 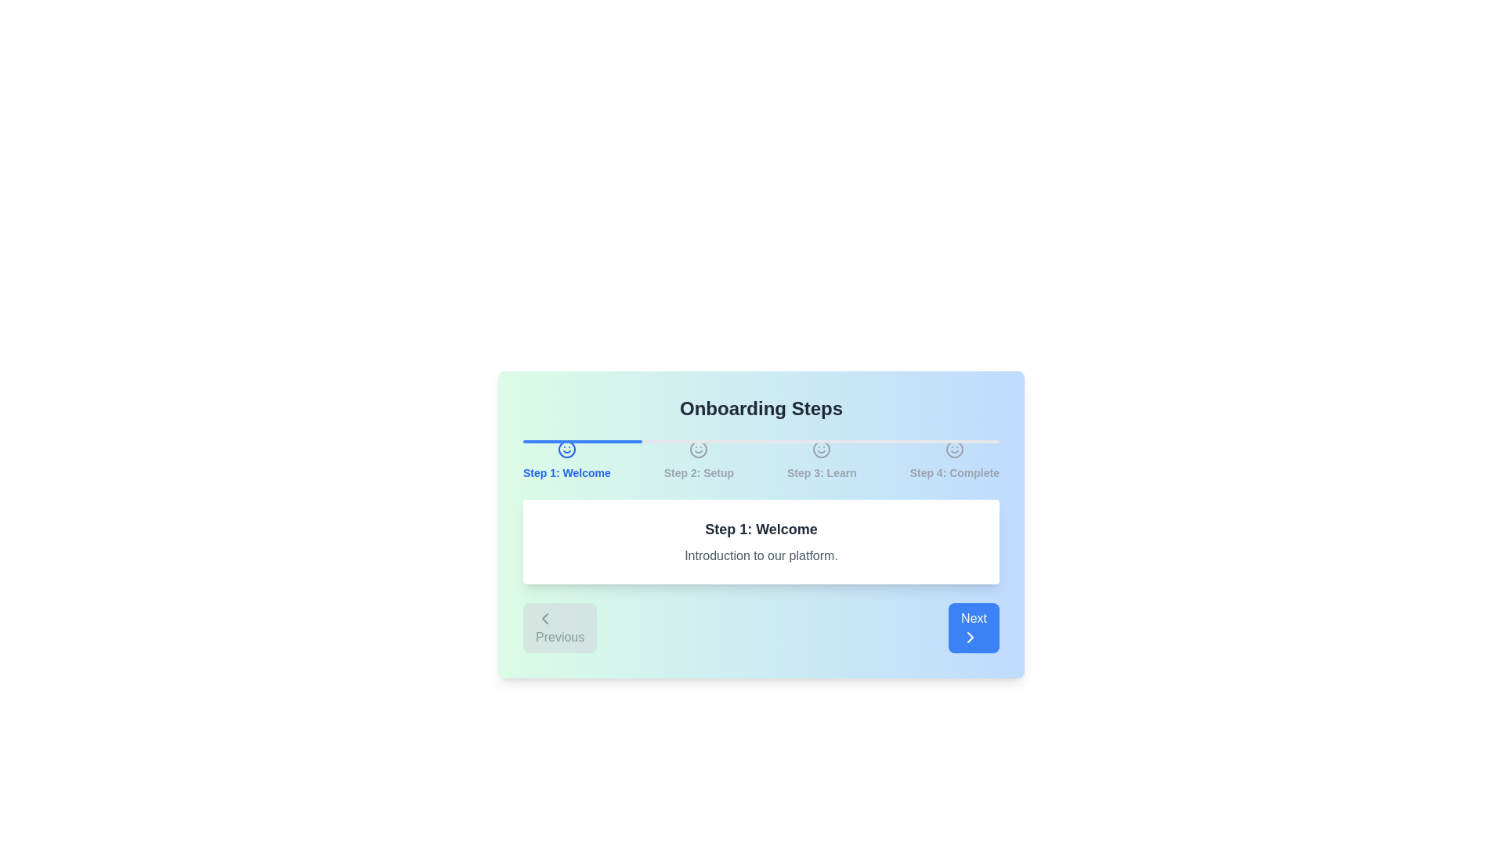 What do you see at coordinates (821, 450) in the screenshot?
I see `the SVG circle element that forms the outer boundary of the smile emoji in the 'Step 3: Learn' onboarding interface` at bounding box center [821, 450].